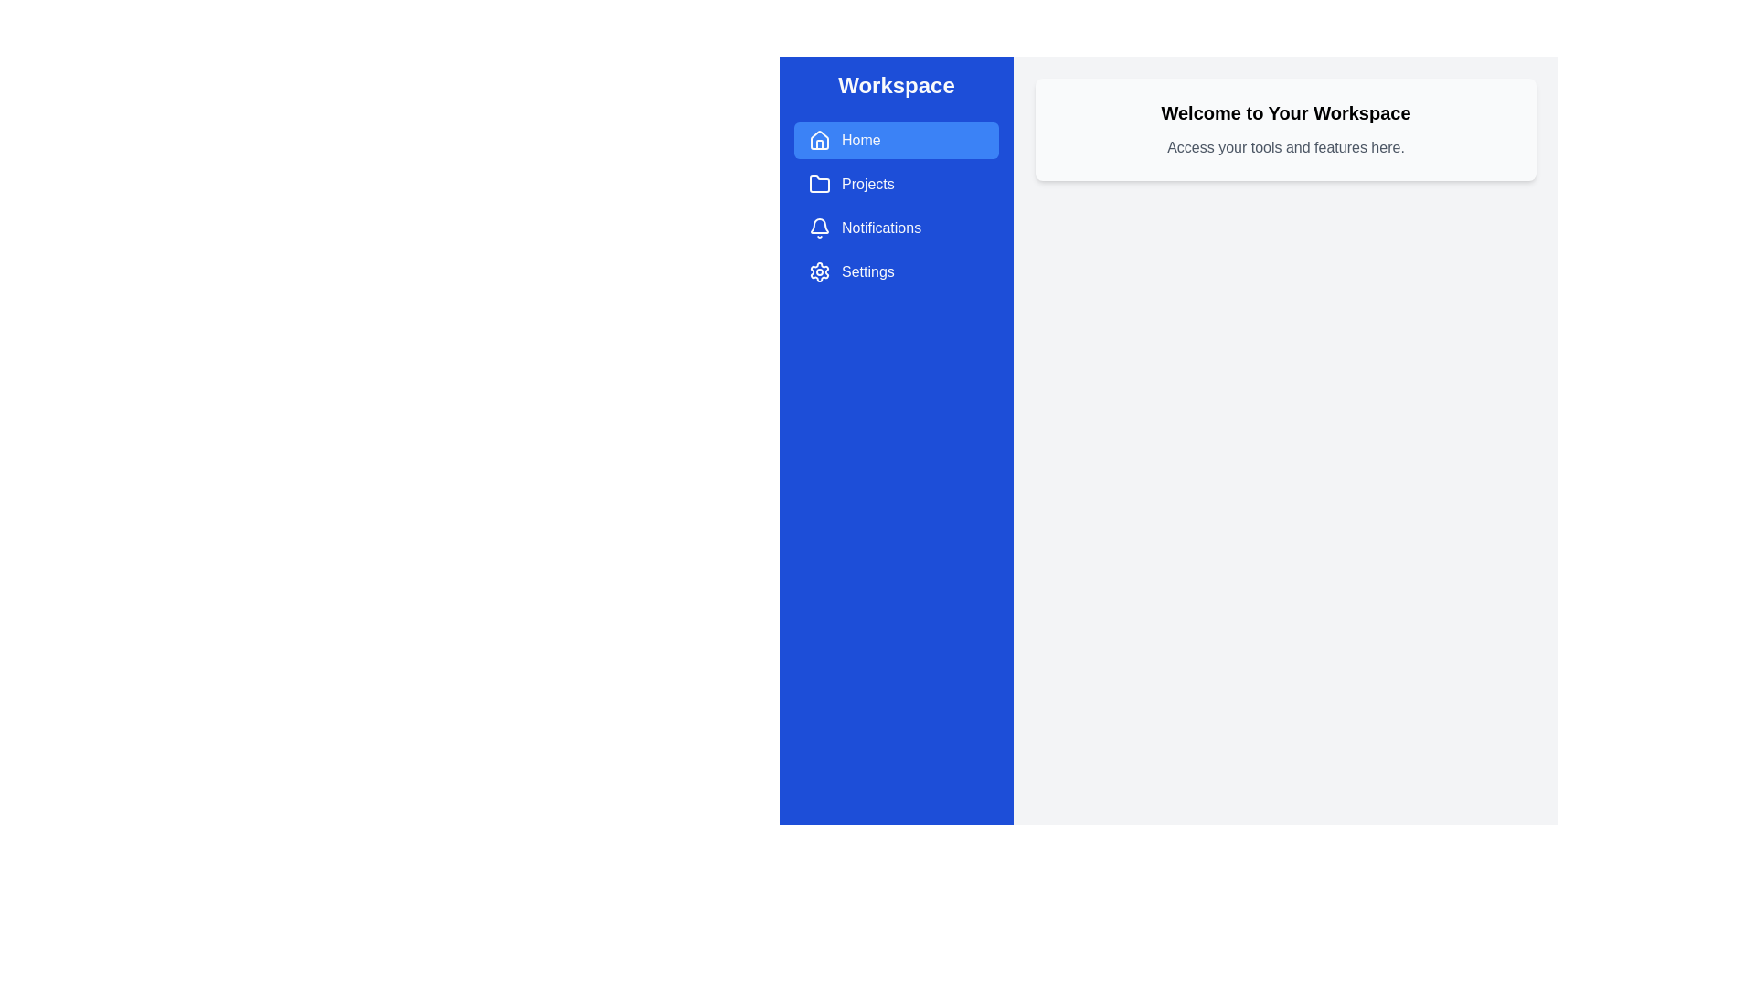 The image size is (1755, 987). I want to click on the folder icon located at the leftmost position of the 'Projects' navigation button on the sidebar, so click(819, 184).